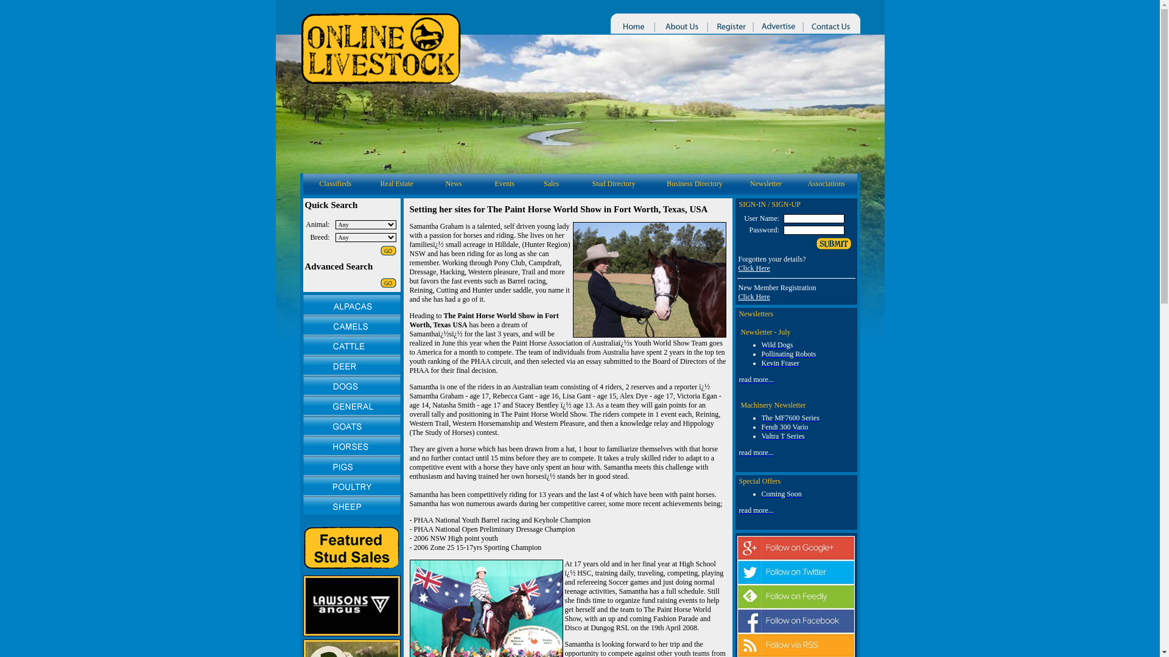 This screenshot has height=657, width=1169. What do you see at coordinates (753, 297) in the screenshot?
I see `'Click Here'` at bounding box center [753, 297].